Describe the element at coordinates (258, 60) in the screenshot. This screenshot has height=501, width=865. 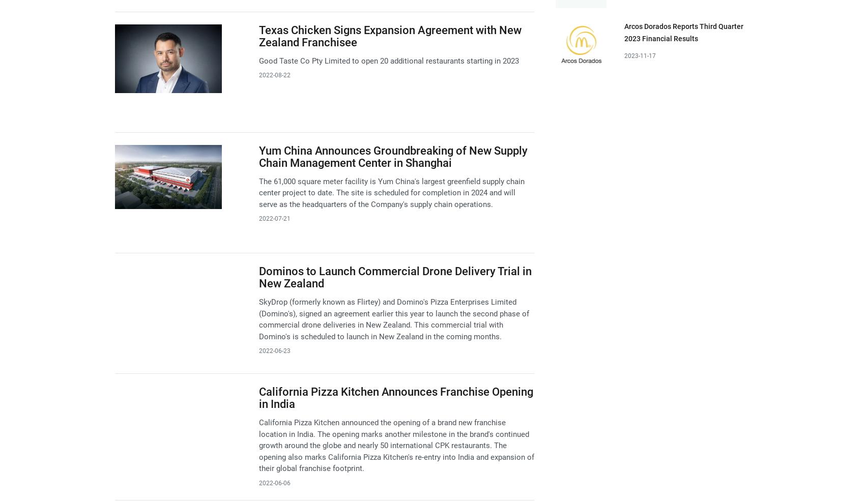
I see `'Good Taste Co Pty Limited to open 20 additional restaurants starting in 2023'` at that location.